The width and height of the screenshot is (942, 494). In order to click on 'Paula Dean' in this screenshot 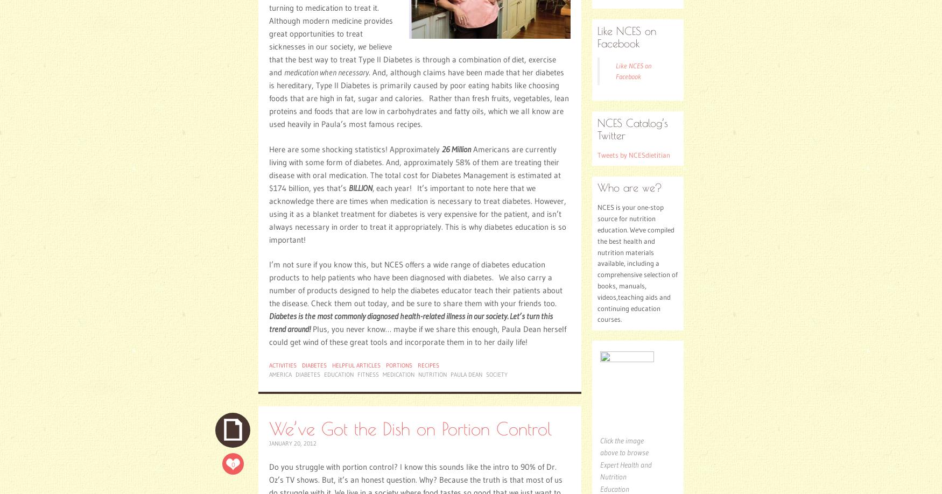, I will do `click(466, 374)`.